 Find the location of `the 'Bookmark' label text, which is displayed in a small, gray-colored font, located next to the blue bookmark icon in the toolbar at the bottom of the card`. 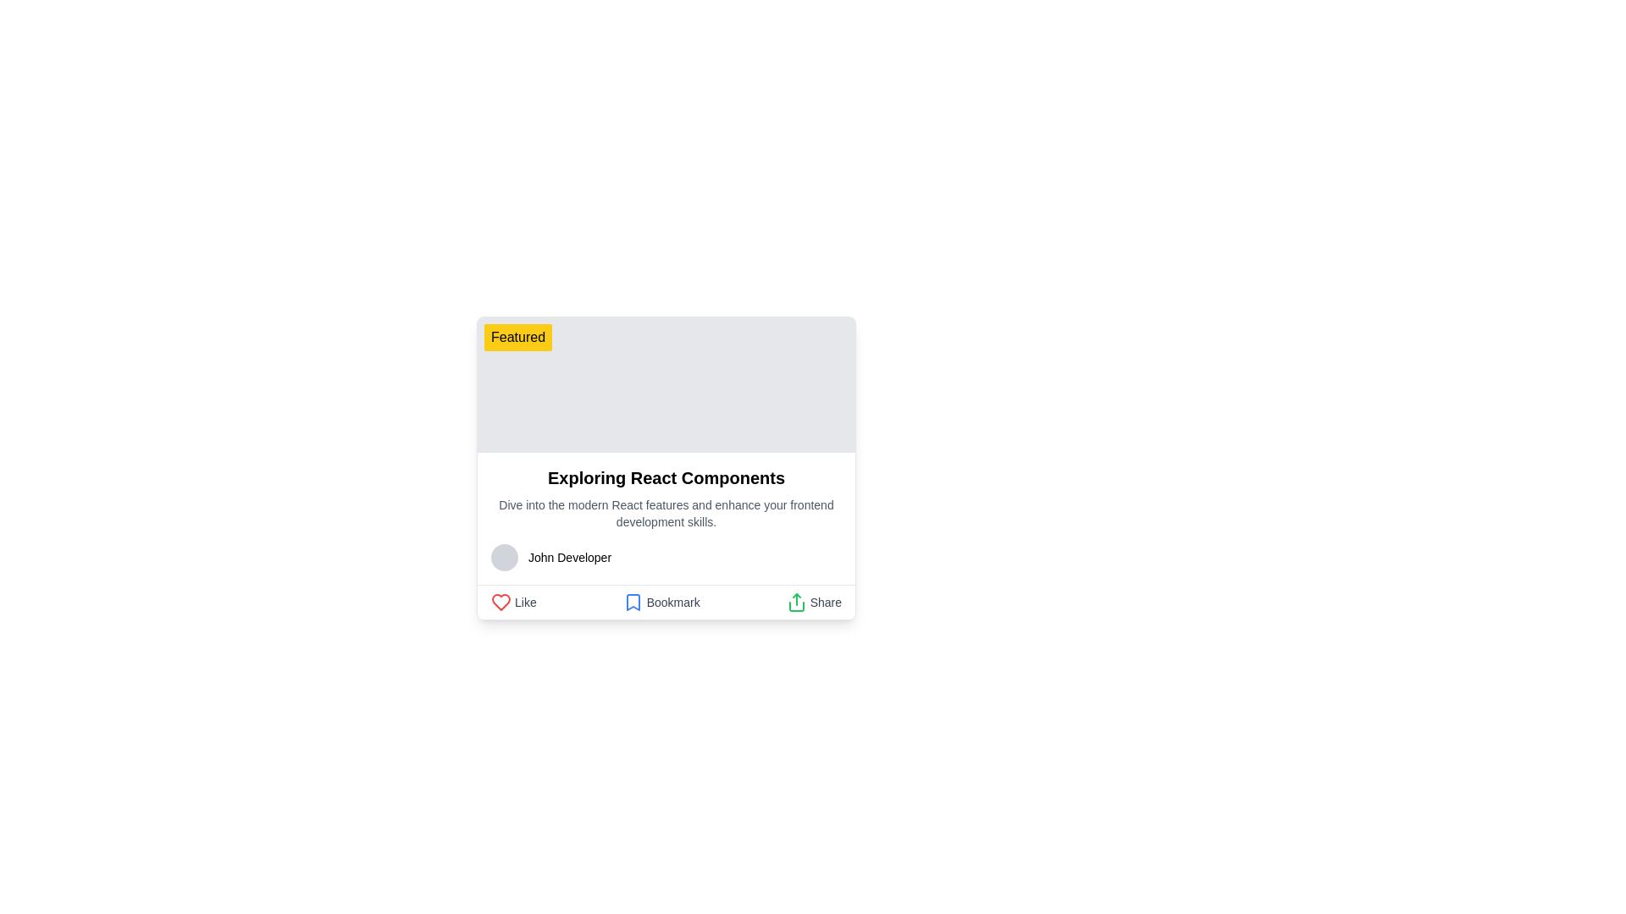

the 'Bookmark' label text, which is displayed in a small, gray-colored font, located next to the blue bookmark icon in the toolbar at the bottom of the card is located at coordinates (672, 602).